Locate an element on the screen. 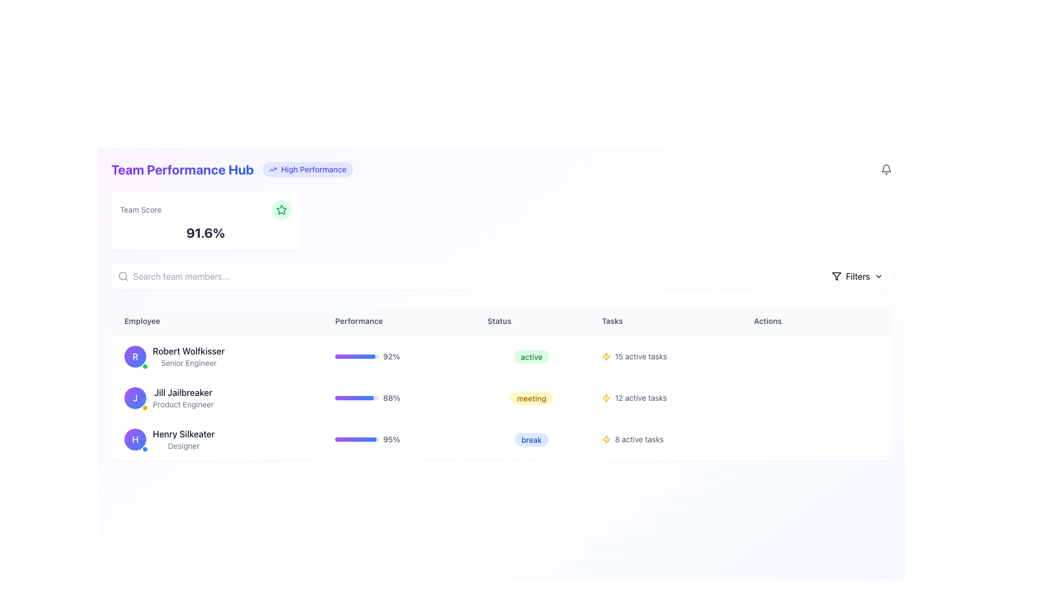  the first interactive button in the 'Actions' column of the third row of the table is located at coordinates (762, 439).